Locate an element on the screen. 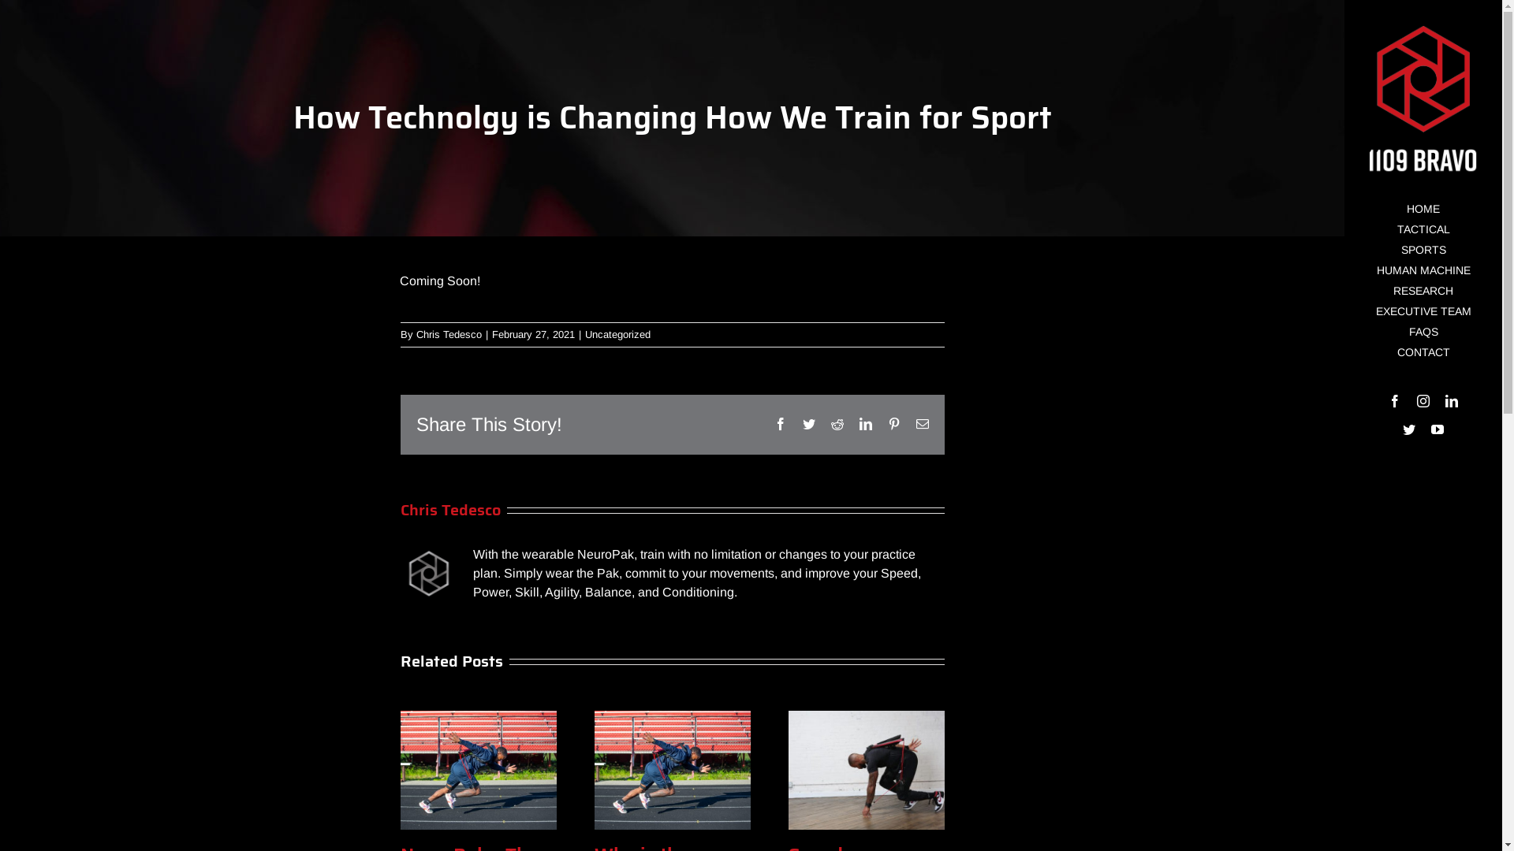  'Email' is located at coordinates (923, 422).